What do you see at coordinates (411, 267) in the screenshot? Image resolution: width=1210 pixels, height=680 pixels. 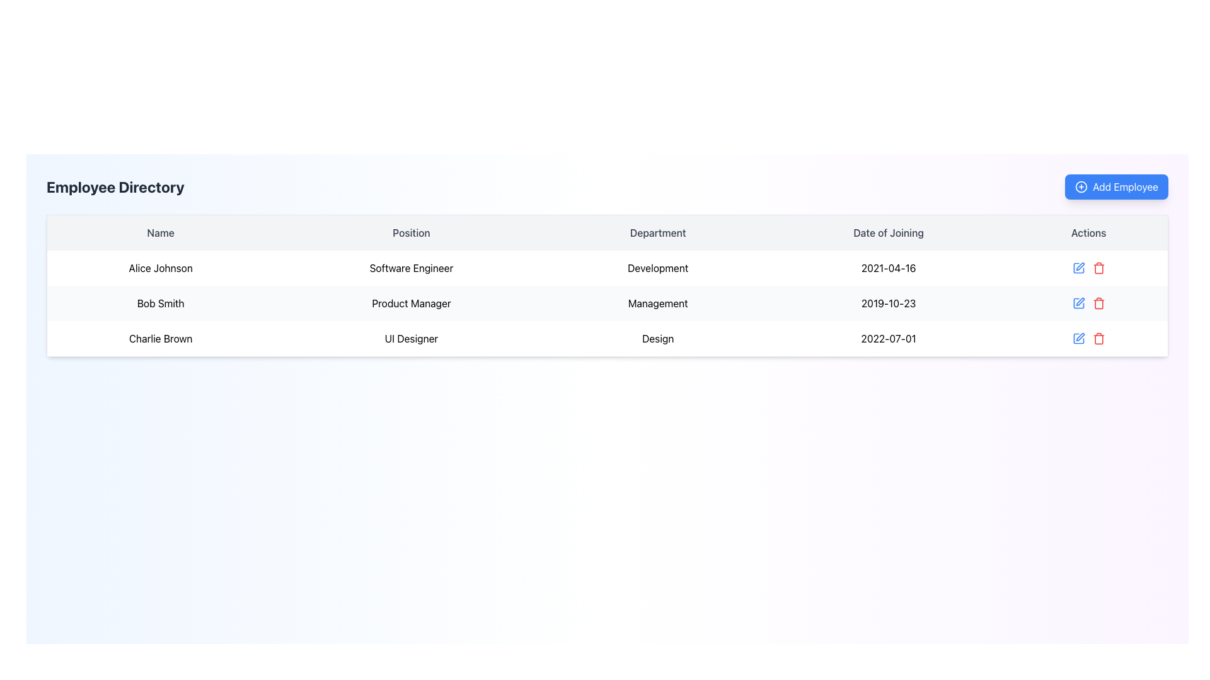 I see `displayed text from the 'Software Engineer' label located in the second cell of the 'Position' column in the first row, adjacent to 'Alice Johnson' and 'Development'` at bounding box center [411, 267].